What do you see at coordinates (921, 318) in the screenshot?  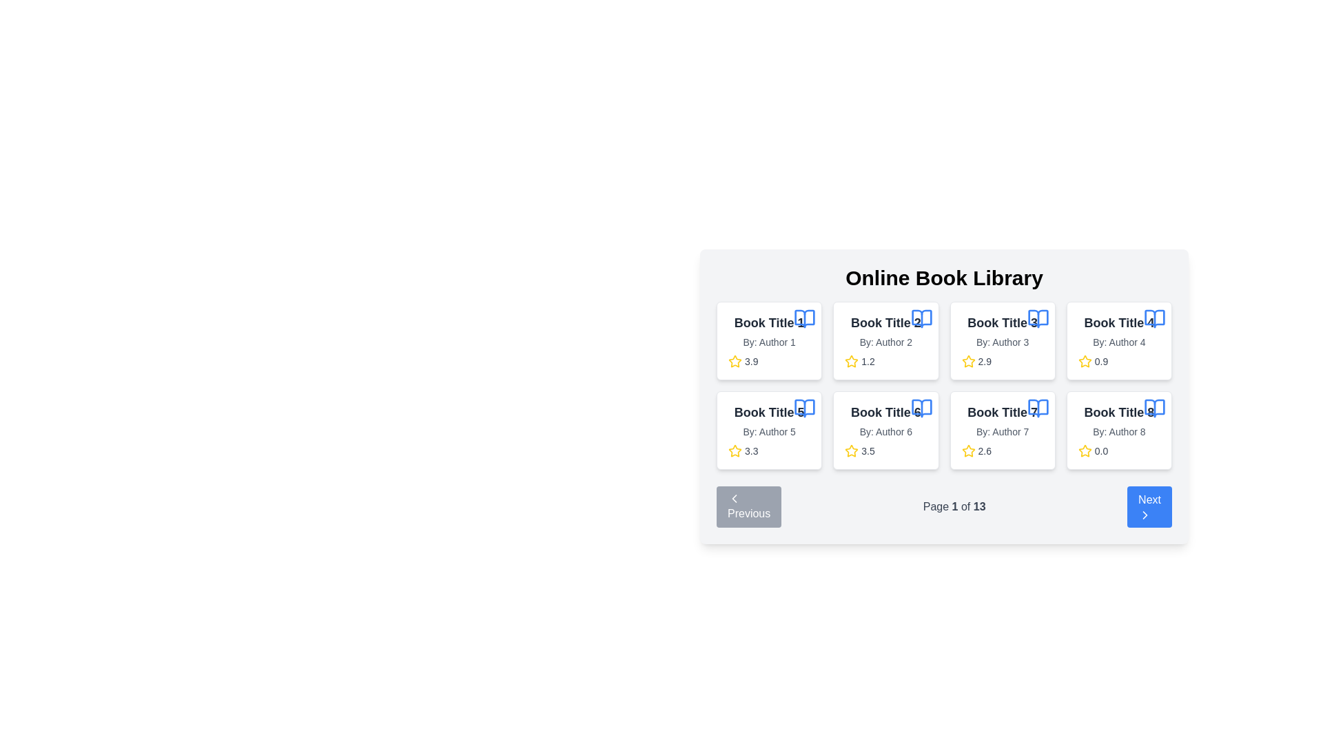 I see `the decorative graphical icon that signifies the card's association with books, located in the top-right corner of the card labeled 'Book Title 2' below the title 'Online Book Library'` at bounding box center [921, 318].